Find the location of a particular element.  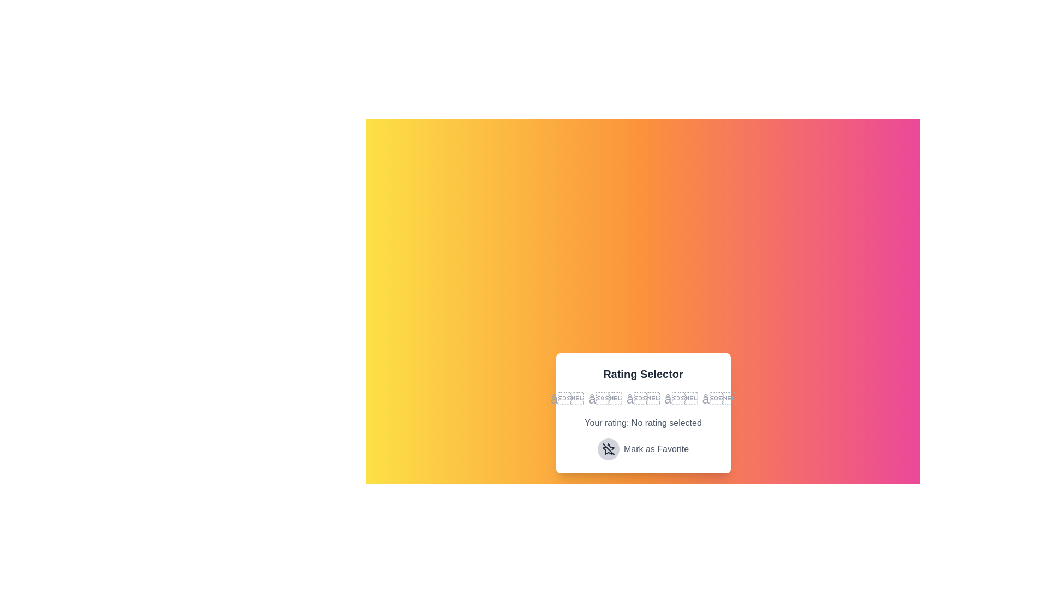

the second star icon in the rating component is located at coordinates (605, 399).